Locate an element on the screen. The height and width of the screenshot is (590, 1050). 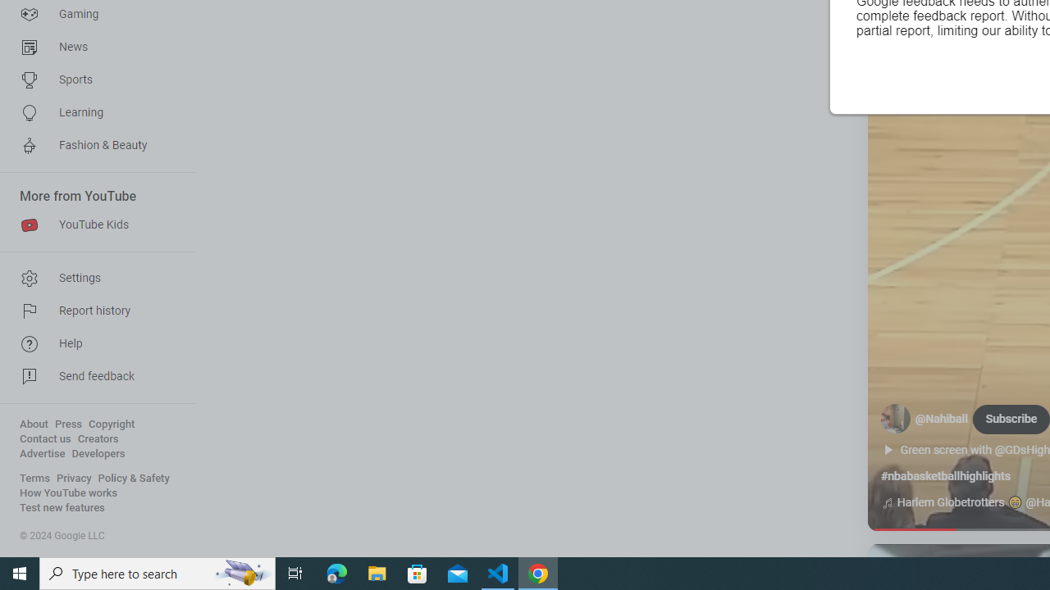
'#nbabasketballhighlights' is located at coordinates (945, 476).